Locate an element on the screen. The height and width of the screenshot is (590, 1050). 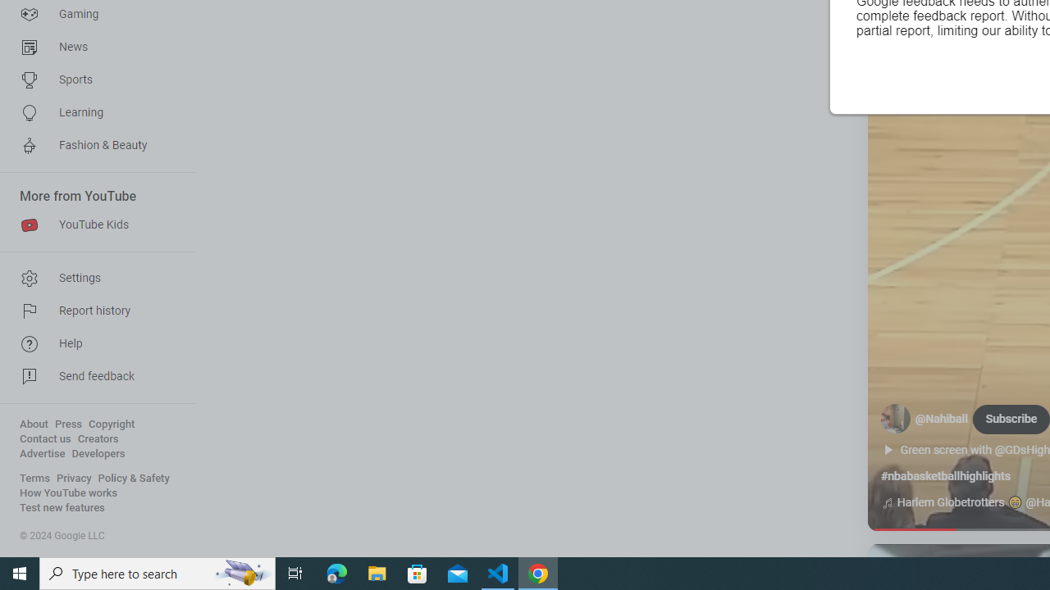
'#nbabasketballhighlights' is located at coordinates (945, 476).